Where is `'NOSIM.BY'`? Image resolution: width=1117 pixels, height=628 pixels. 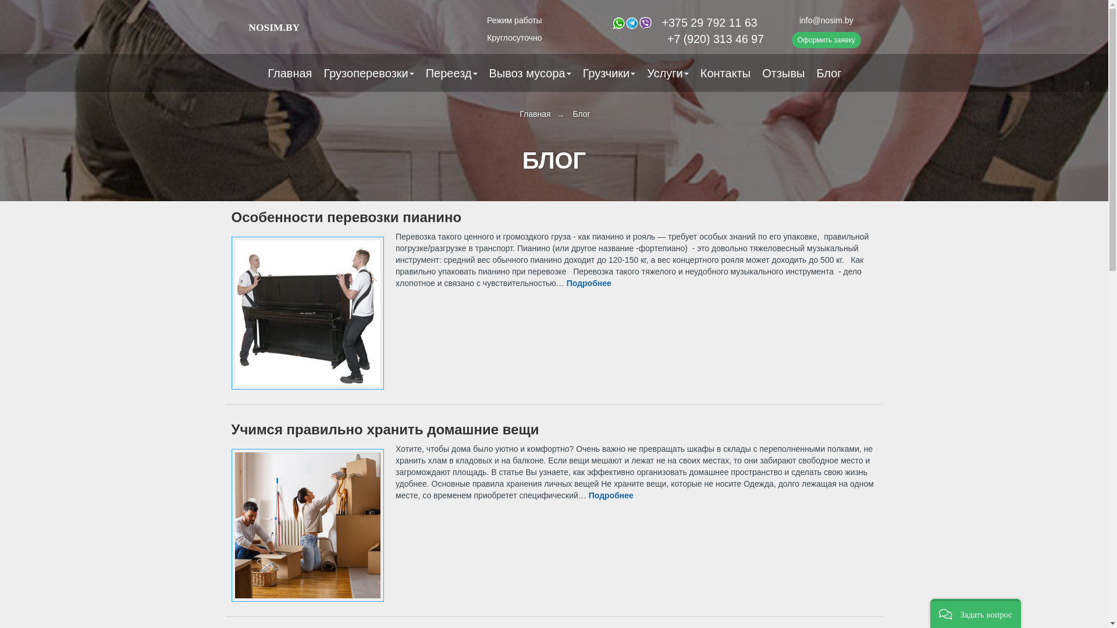 'NOSIM.BY' is located at coordinates (299, 27).